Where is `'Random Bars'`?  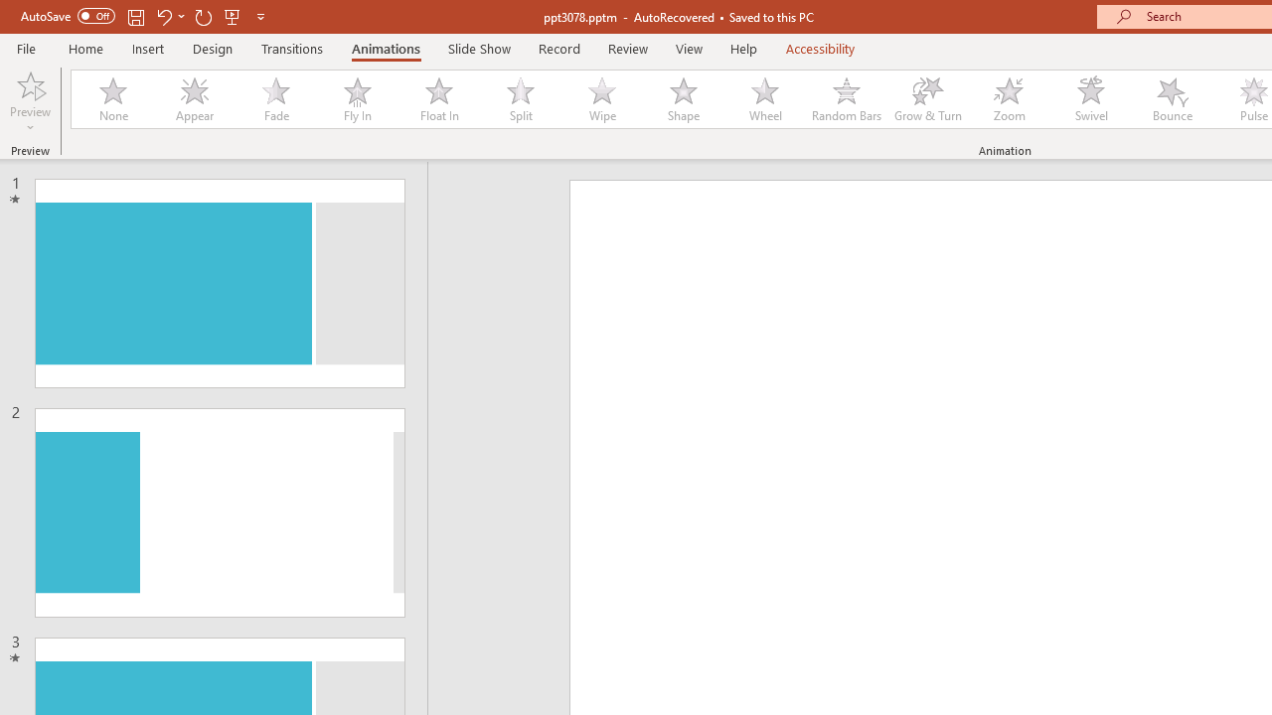
'Random Bars' is located at coordinates (847, 99).